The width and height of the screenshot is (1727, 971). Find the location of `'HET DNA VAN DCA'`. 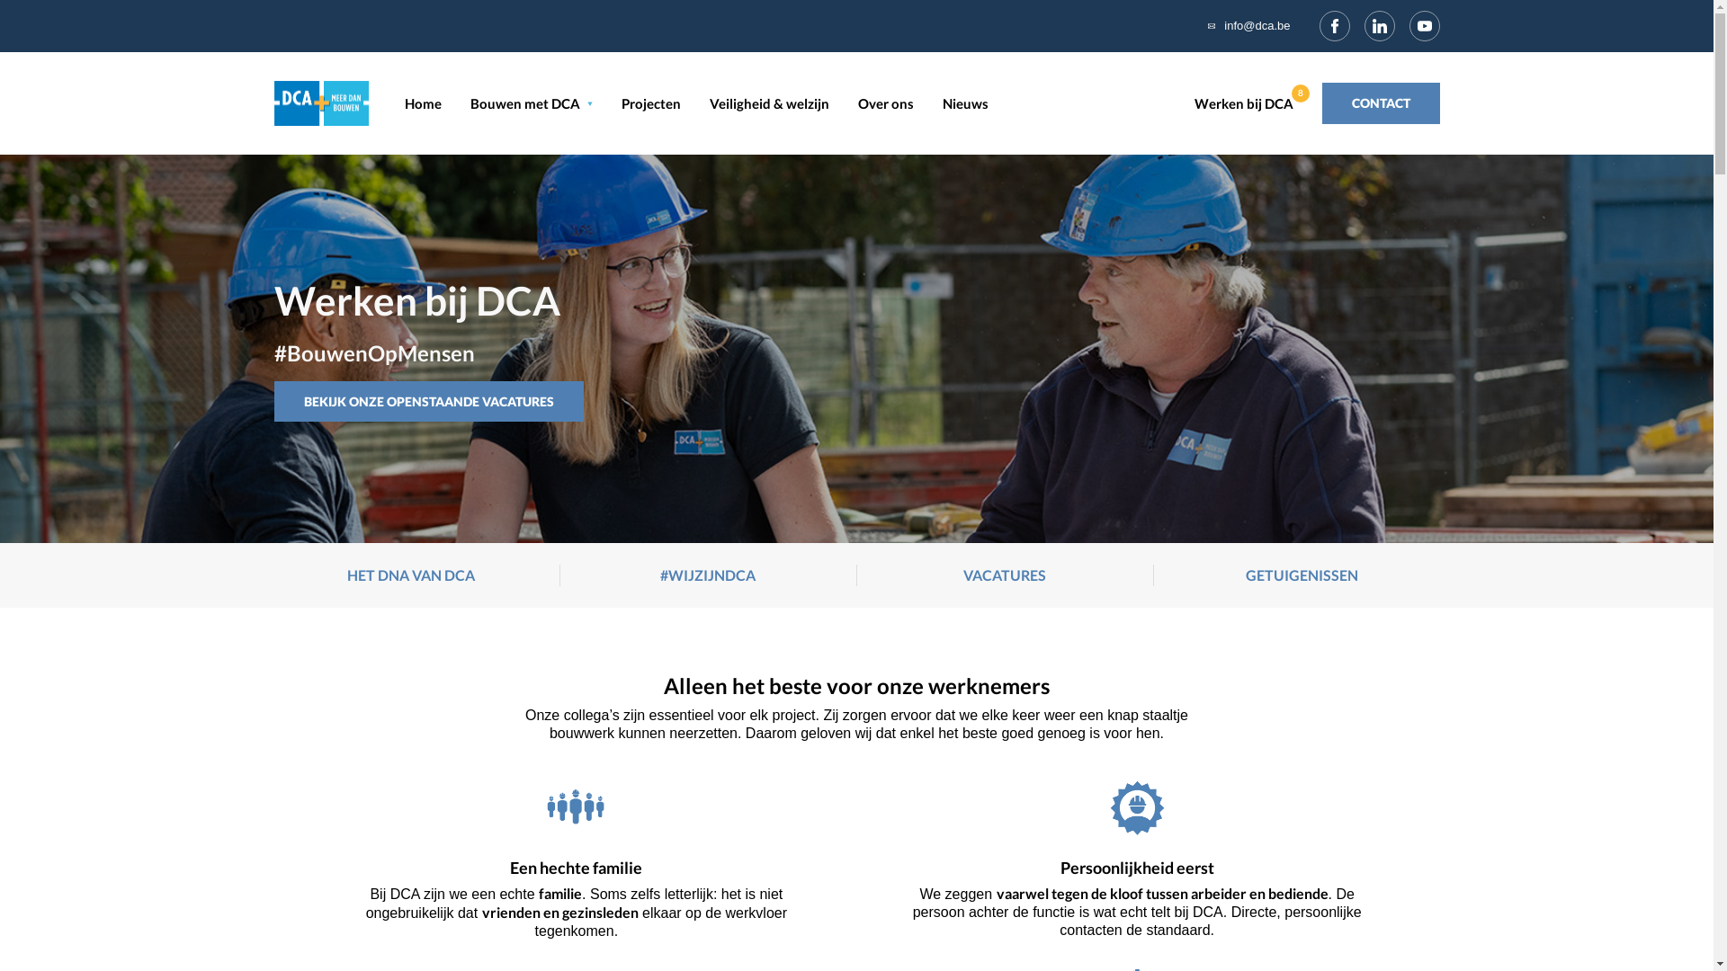

'HET DNA VAN DCA' is located at coordinates (409, 575).